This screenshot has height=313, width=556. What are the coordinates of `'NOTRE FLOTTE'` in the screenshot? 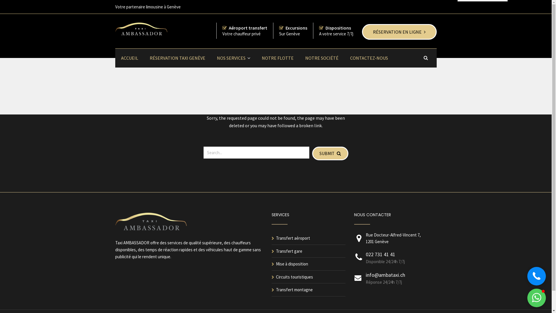 It's located at (255, 58).